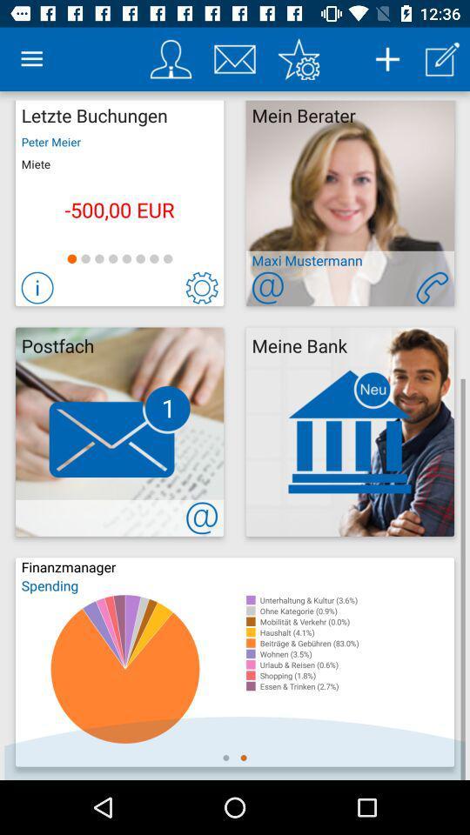 This screenshot has width=470, height=835. I want to click on the unterhaltung kultur 3 icon, so click(356, 600).